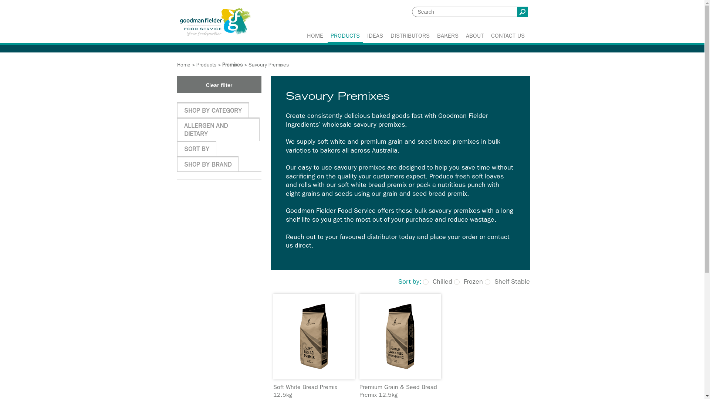 The height and width of the screenshot is (399, 710). What do you see at coordinates (231, 64) in the screenshot?
I see `'Premixes'` at bounding box center [231, 64].